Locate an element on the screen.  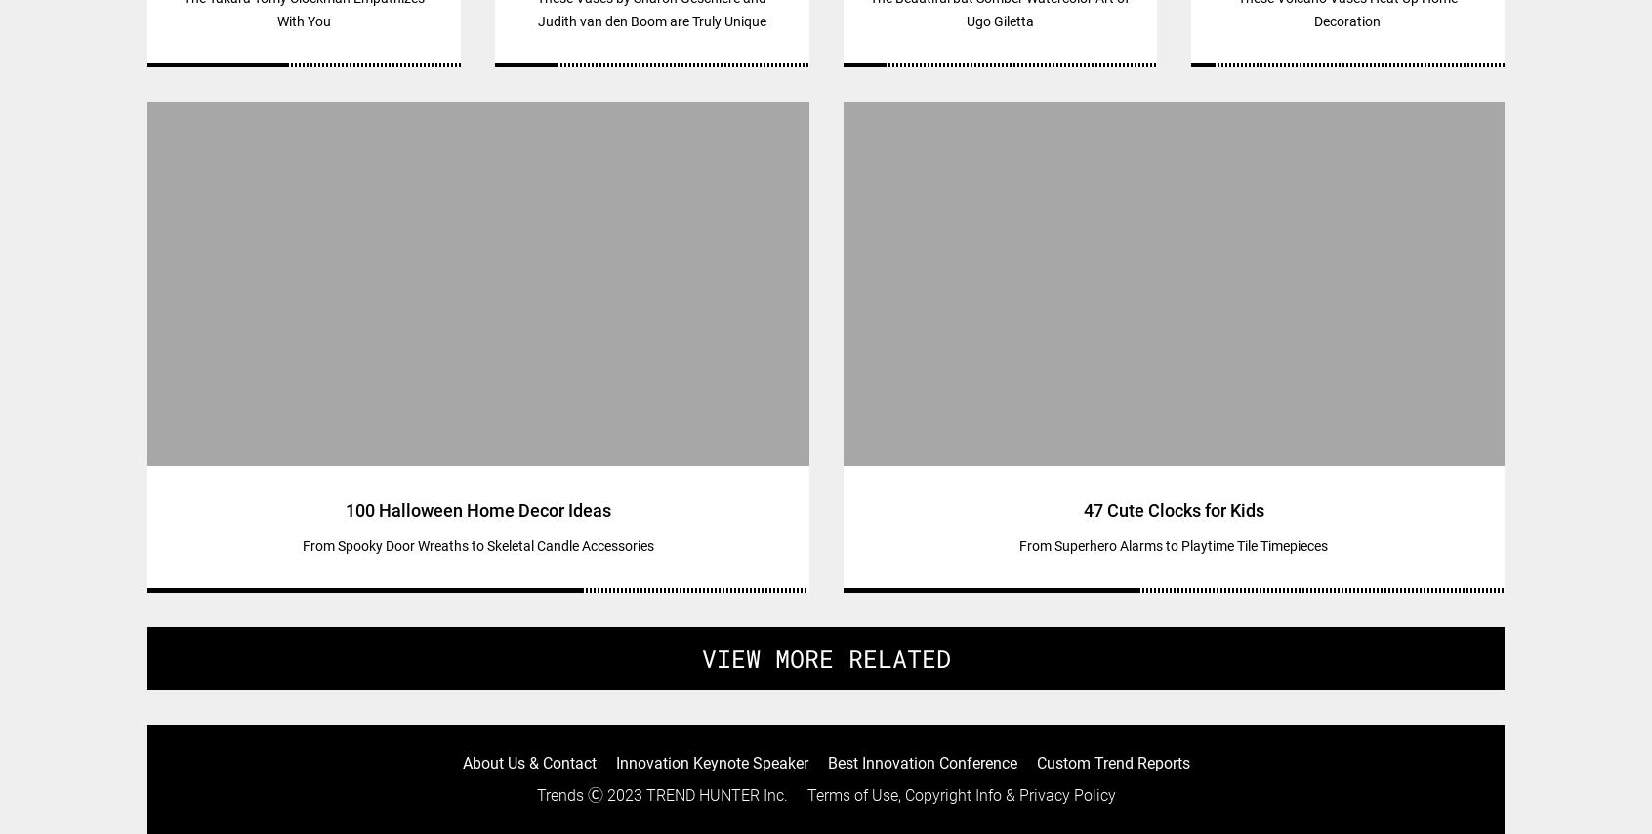
'TREND HUNTER Inc.' is located at coordinates (715, 793).